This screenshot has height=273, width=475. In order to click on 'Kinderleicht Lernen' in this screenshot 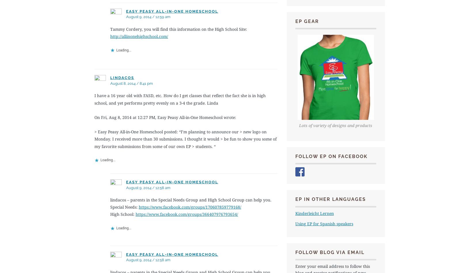, I will do `click(314, 213)`.